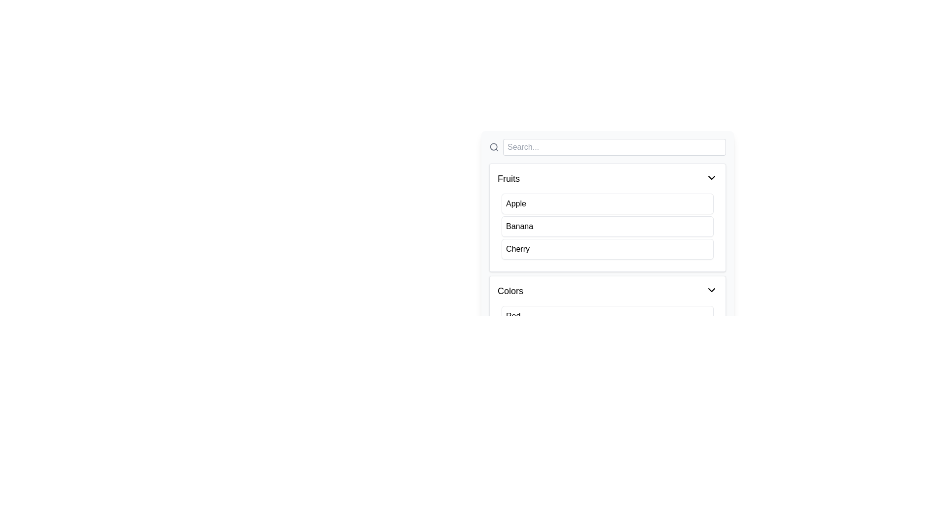 The image size is (947, 532). I want to click on the 'Banana' text label within the 'Fruits' dropdown menu, so click(519, 226).